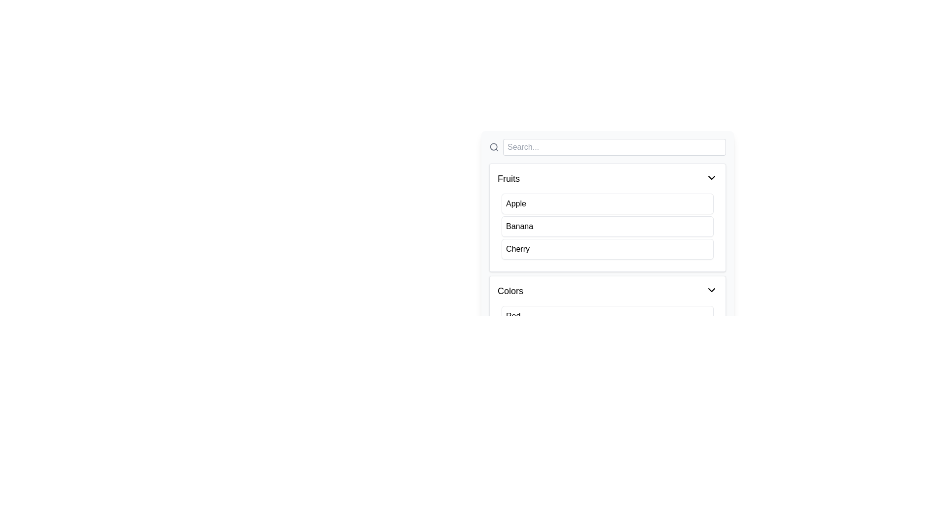 The image size is (947, 532). I want to click on the 'Banana' text label within the 'Fruits' dropdown menu, so click(519, 226).